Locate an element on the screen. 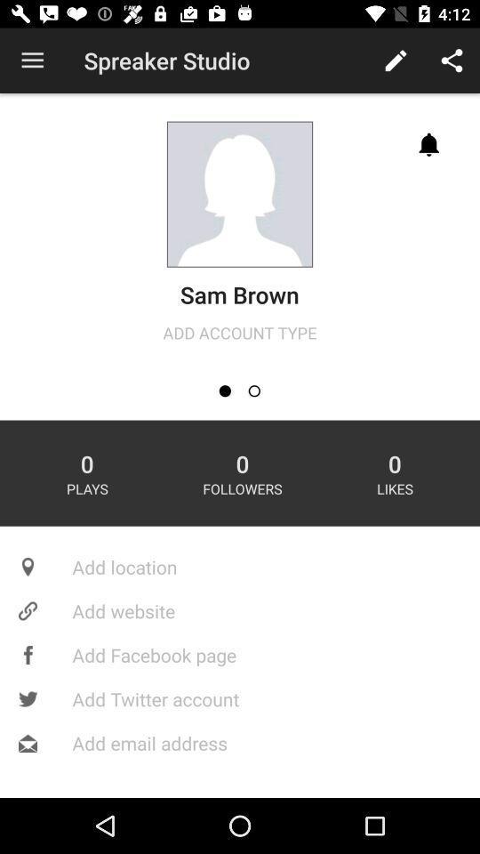  item to the left of spreaker studio item is located at coordinates (32, 60).